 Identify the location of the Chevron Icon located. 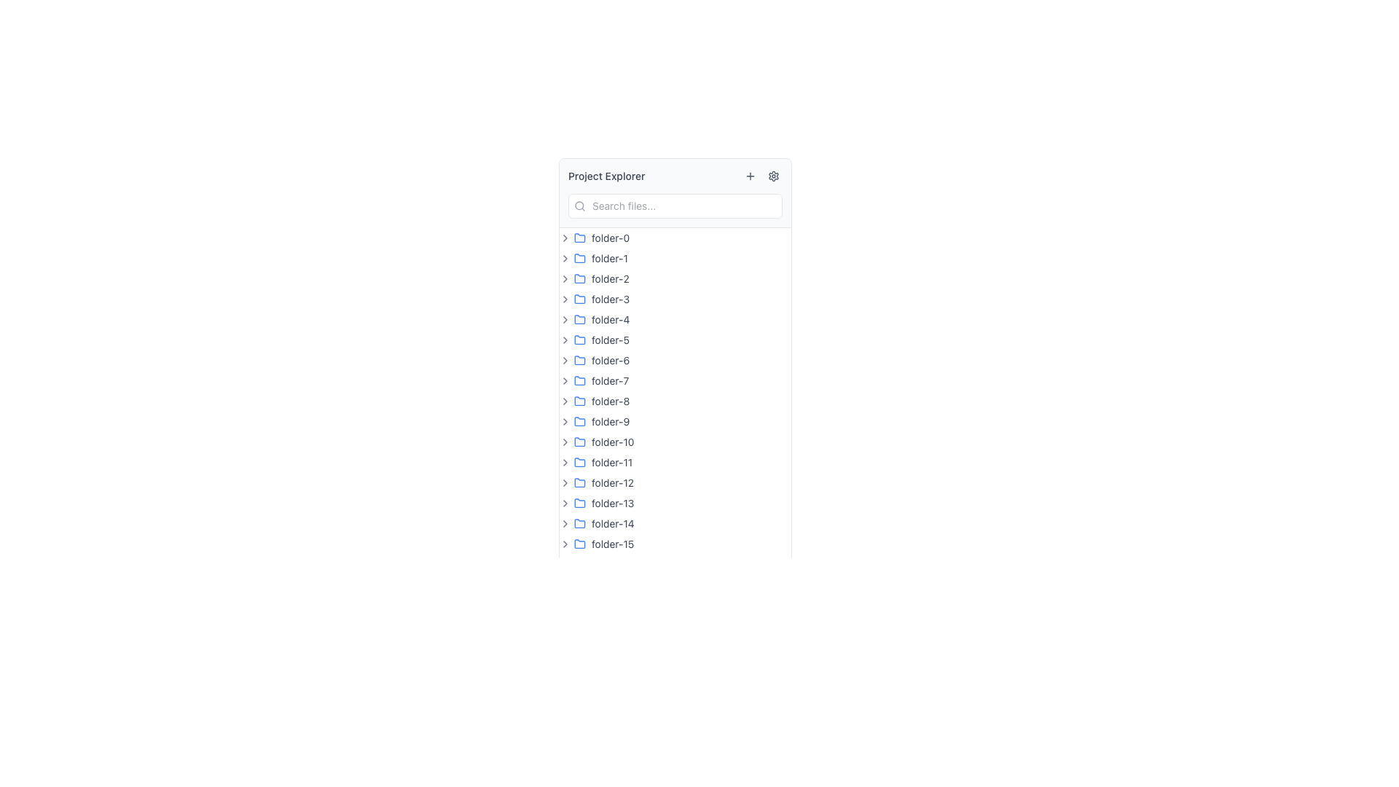
(565, 463).